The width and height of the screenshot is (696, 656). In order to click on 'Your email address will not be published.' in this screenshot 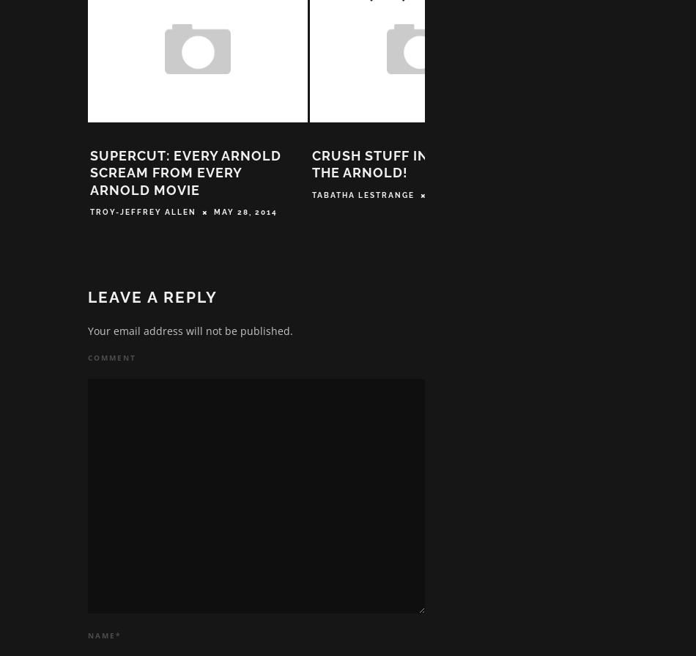, I will do `click(87, 334)`.